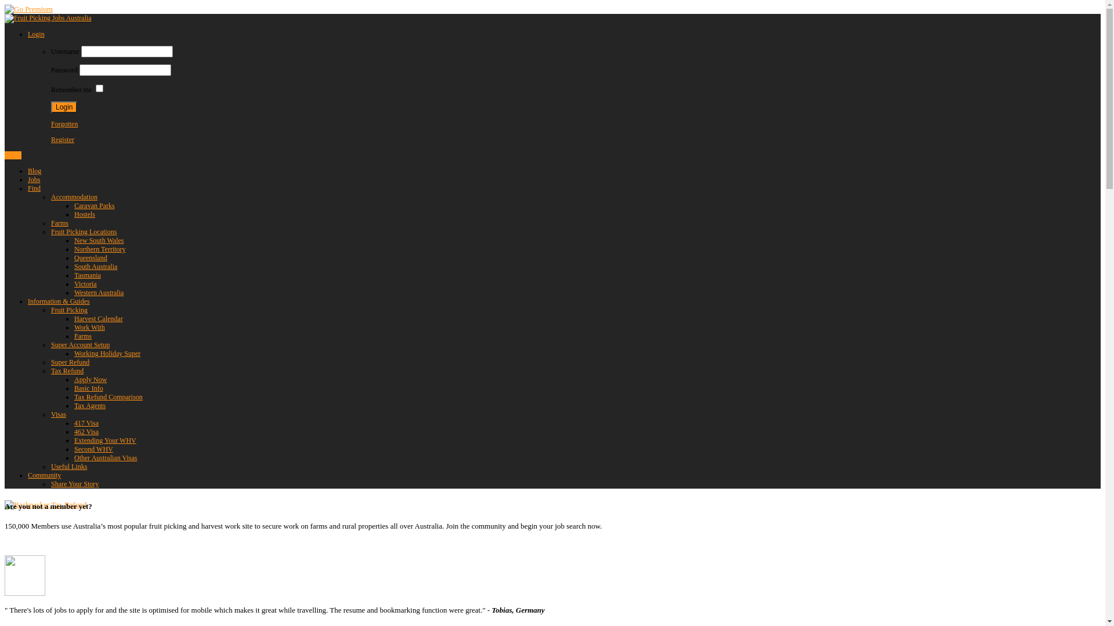  Describe the element at coordinates (89, 405) in the screenshot. I see `'Tax Agents'` at that location.